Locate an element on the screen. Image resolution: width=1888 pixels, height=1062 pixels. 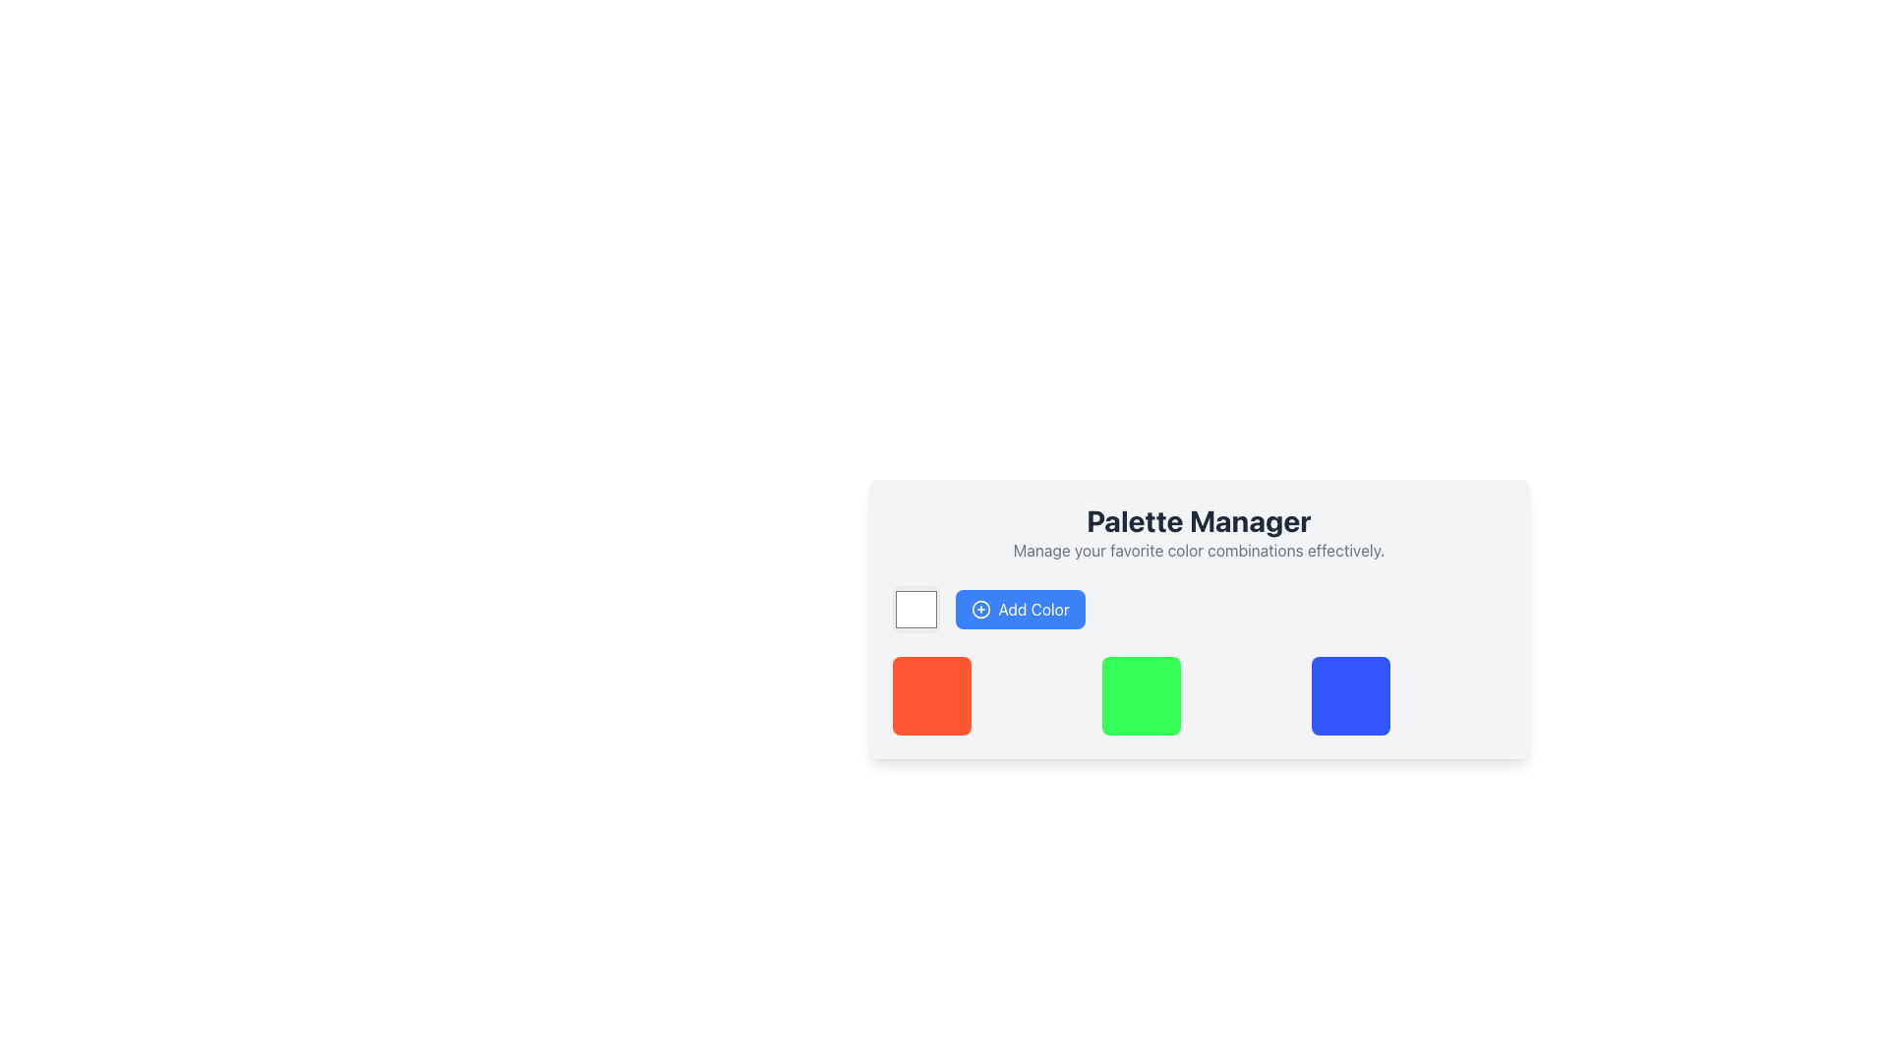
the prominent title 'Palette Manager' which is styled with bold and large font, located at the top of the interface is located at coordinates (1198, 519).